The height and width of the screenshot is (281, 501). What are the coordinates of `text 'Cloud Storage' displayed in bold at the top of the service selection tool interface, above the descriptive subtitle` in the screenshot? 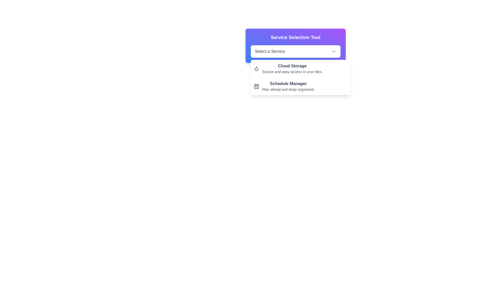 It's located at (292, 66).